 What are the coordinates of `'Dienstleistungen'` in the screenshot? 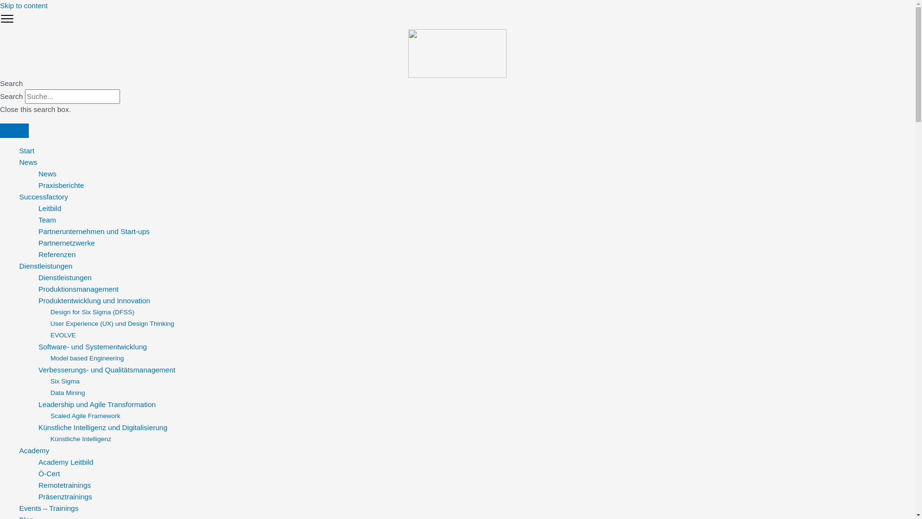 It's located at (38, 277).